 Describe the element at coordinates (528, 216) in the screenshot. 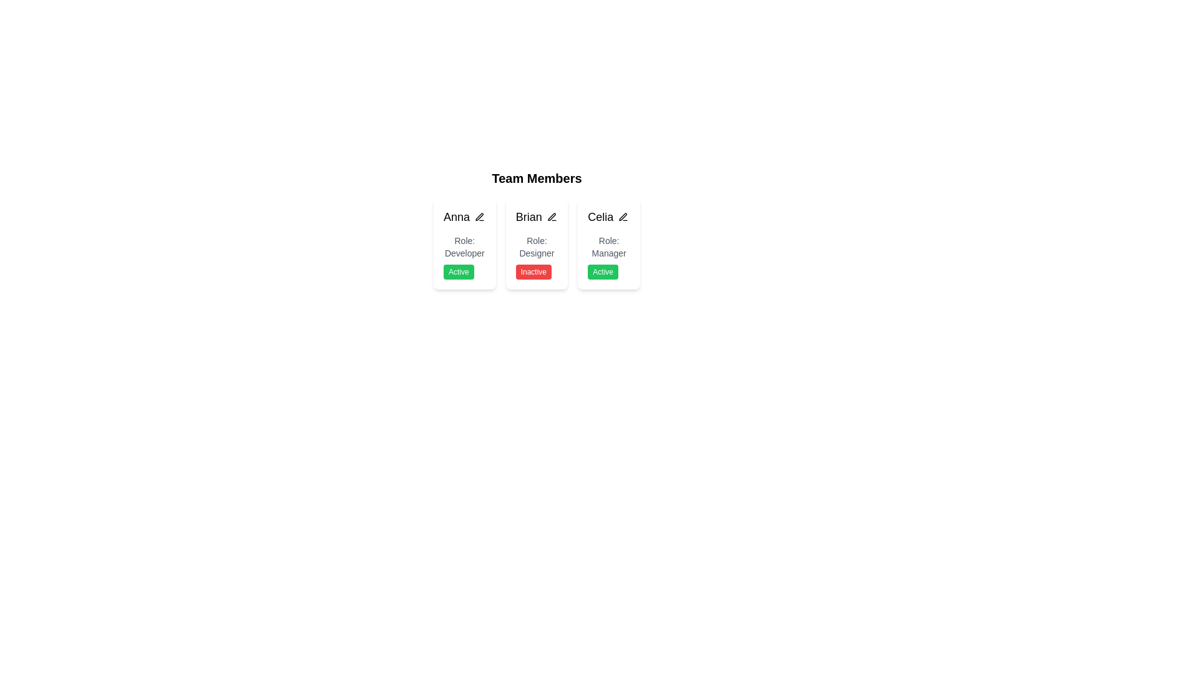

I see `the text label displaying the name 'Brian' that identifies a team member, located in the central card of three horizontally arranged team member cards` at that location.